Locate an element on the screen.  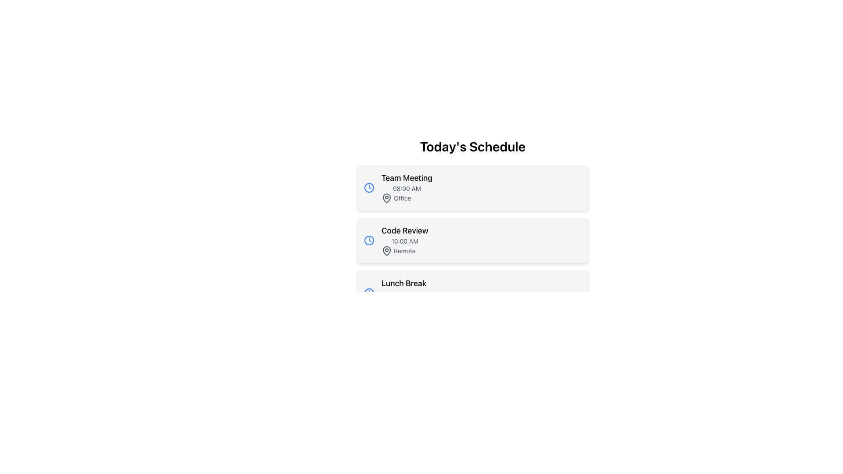
the icon representing the location of the 'Team Meeting' event, which is visually associated with the text 'Office' is located at coordinates (386, 198).